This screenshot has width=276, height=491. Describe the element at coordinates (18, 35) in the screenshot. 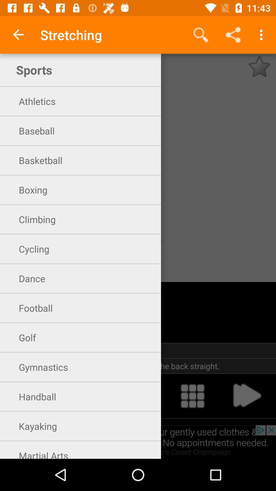

I see `icon next to stretching icon` at that location.